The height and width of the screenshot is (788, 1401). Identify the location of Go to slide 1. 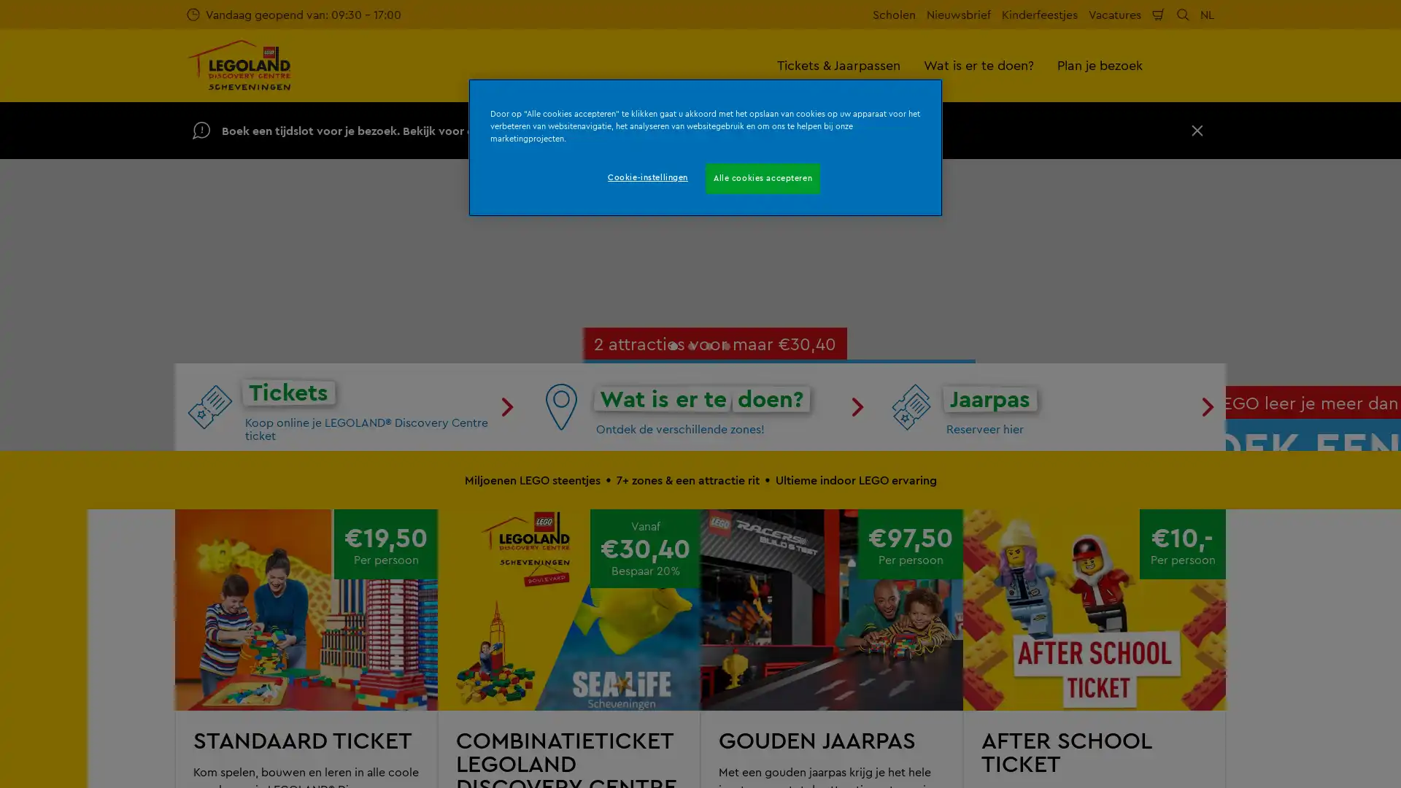
(673, 622).